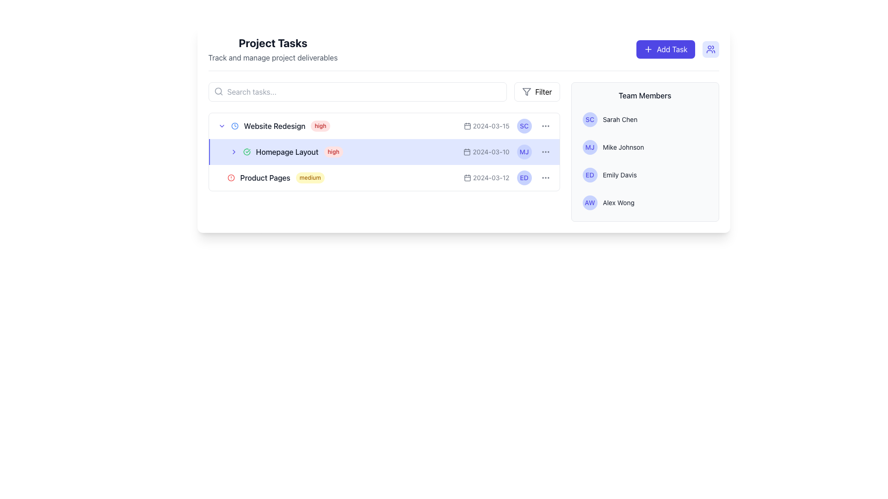  I want to click on the text label displaying 'MJ' within the indigo circular avatar in the 'Team Members' section, so click(524, 151).